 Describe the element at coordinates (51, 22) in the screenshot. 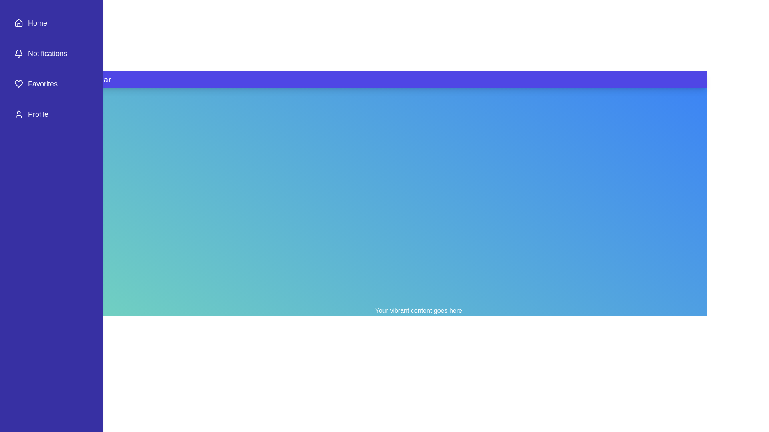

I see `the menu item Home in the sidebar` at that location.